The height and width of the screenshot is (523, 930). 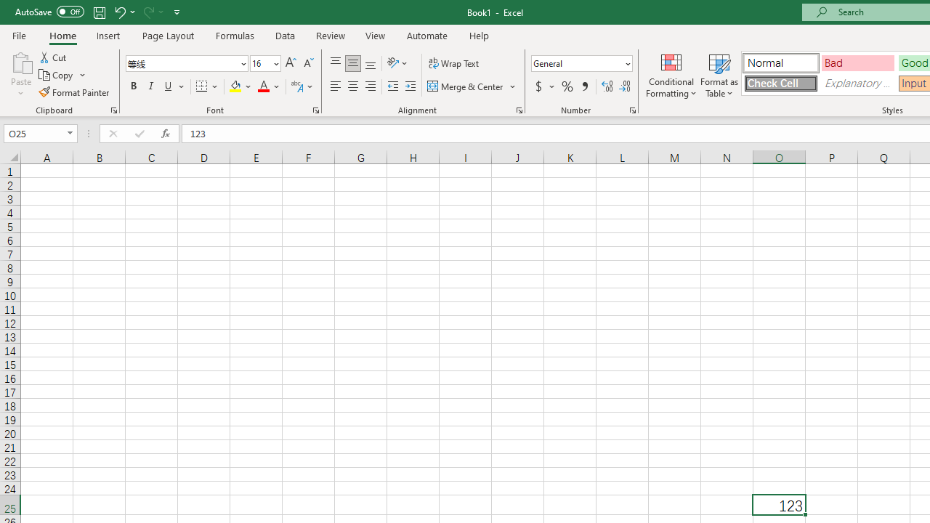 I want to click on 'Percent Style', so click(x=567, y=86).